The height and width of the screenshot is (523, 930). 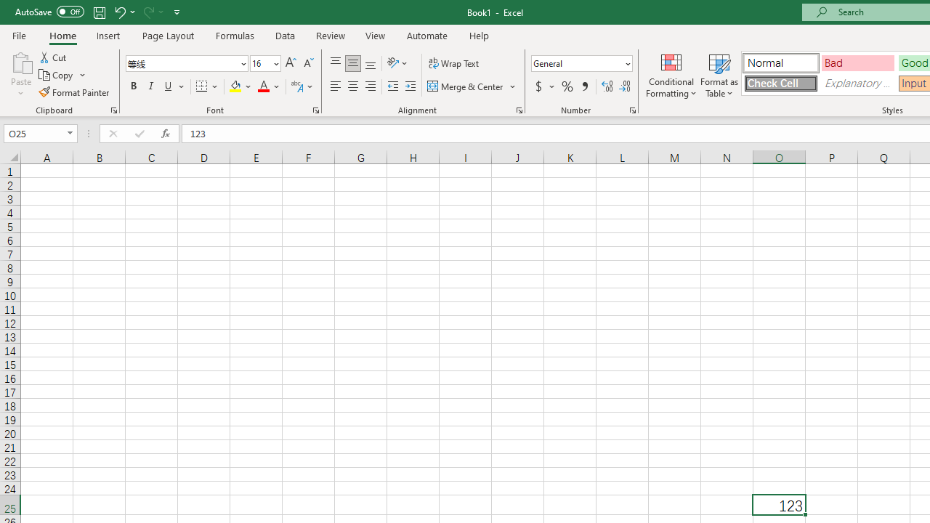 I want to click on 'Percent Style', so click(x=567, y=86).